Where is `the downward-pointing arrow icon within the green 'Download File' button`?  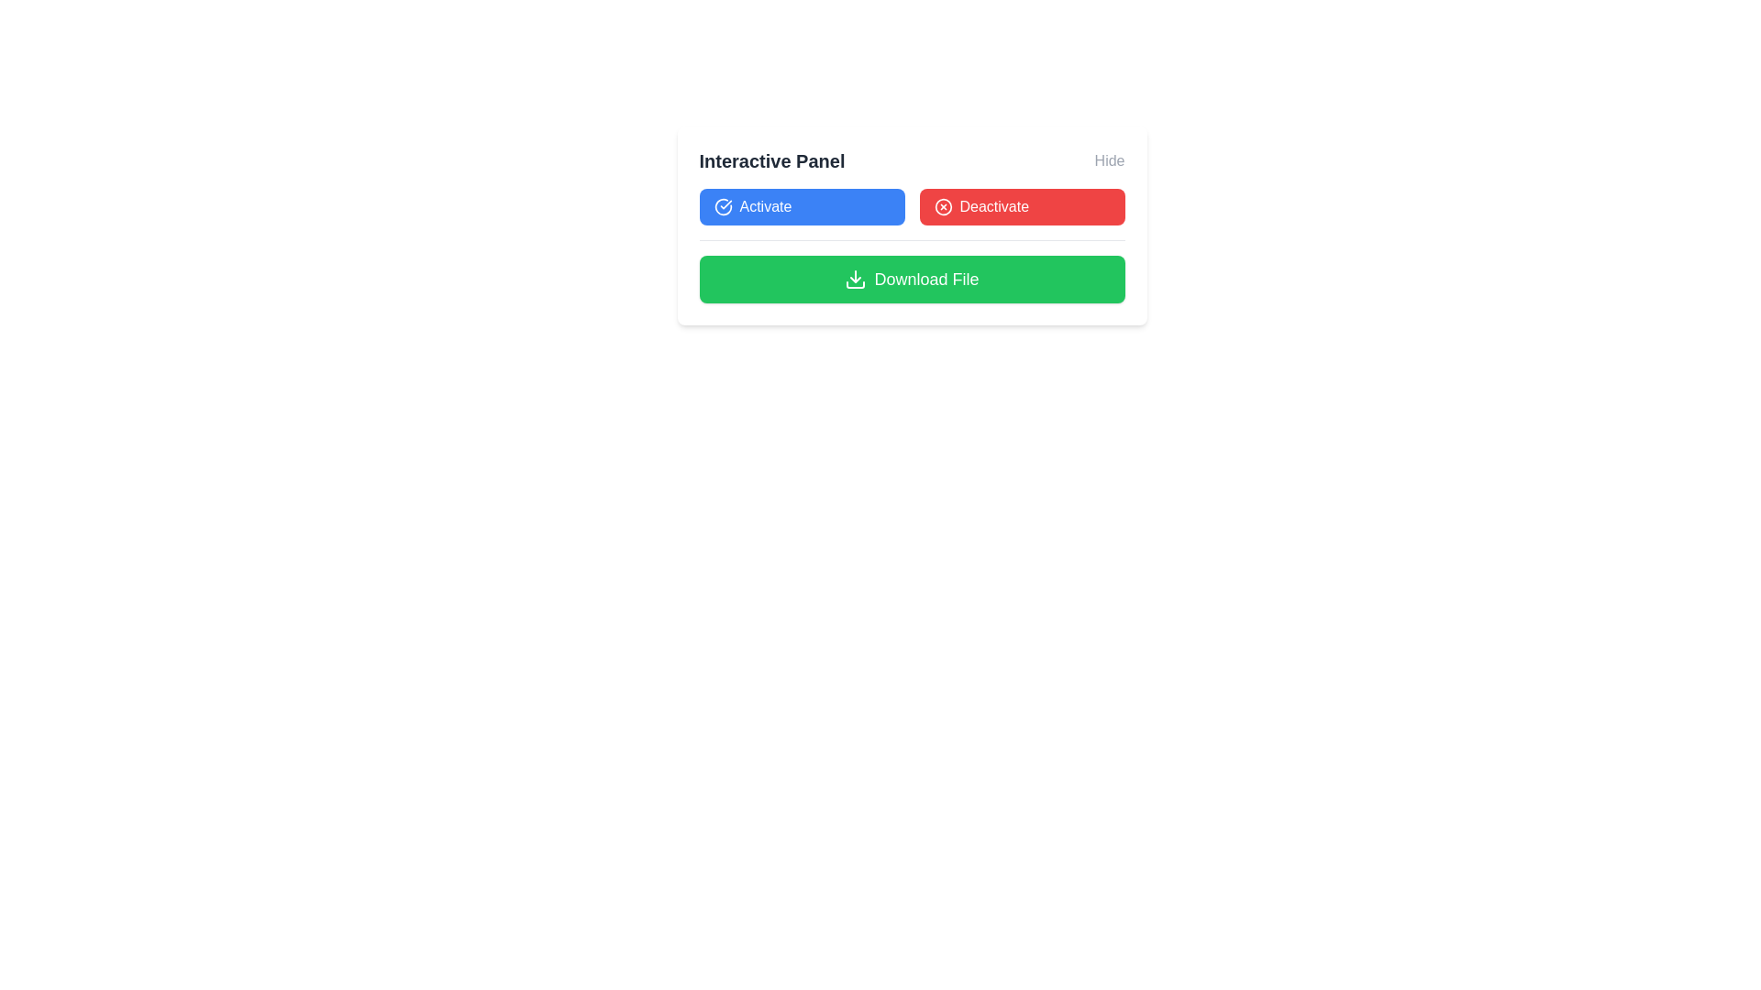
the downward-pointing arrow icon within the green 'Download File' button is located at coordinates (855, 279).